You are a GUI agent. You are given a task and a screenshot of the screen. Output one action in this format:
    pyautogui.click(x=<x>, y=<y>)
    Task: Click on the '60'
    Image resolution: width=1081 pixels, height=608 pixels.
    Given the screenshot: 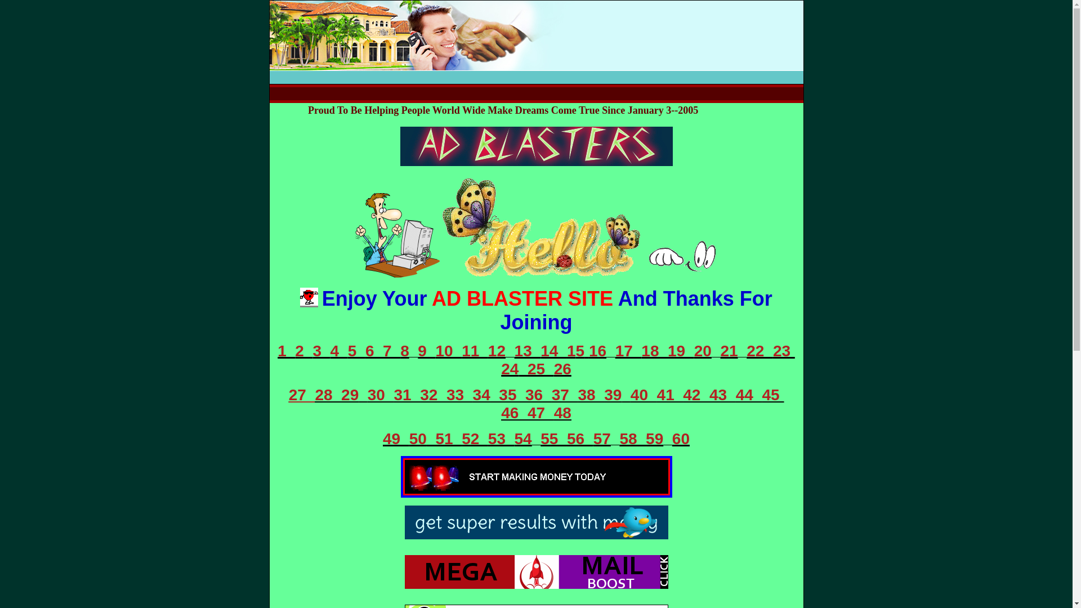 What is the action you would take?
    pyautogui.click(x=680, y=438)
    